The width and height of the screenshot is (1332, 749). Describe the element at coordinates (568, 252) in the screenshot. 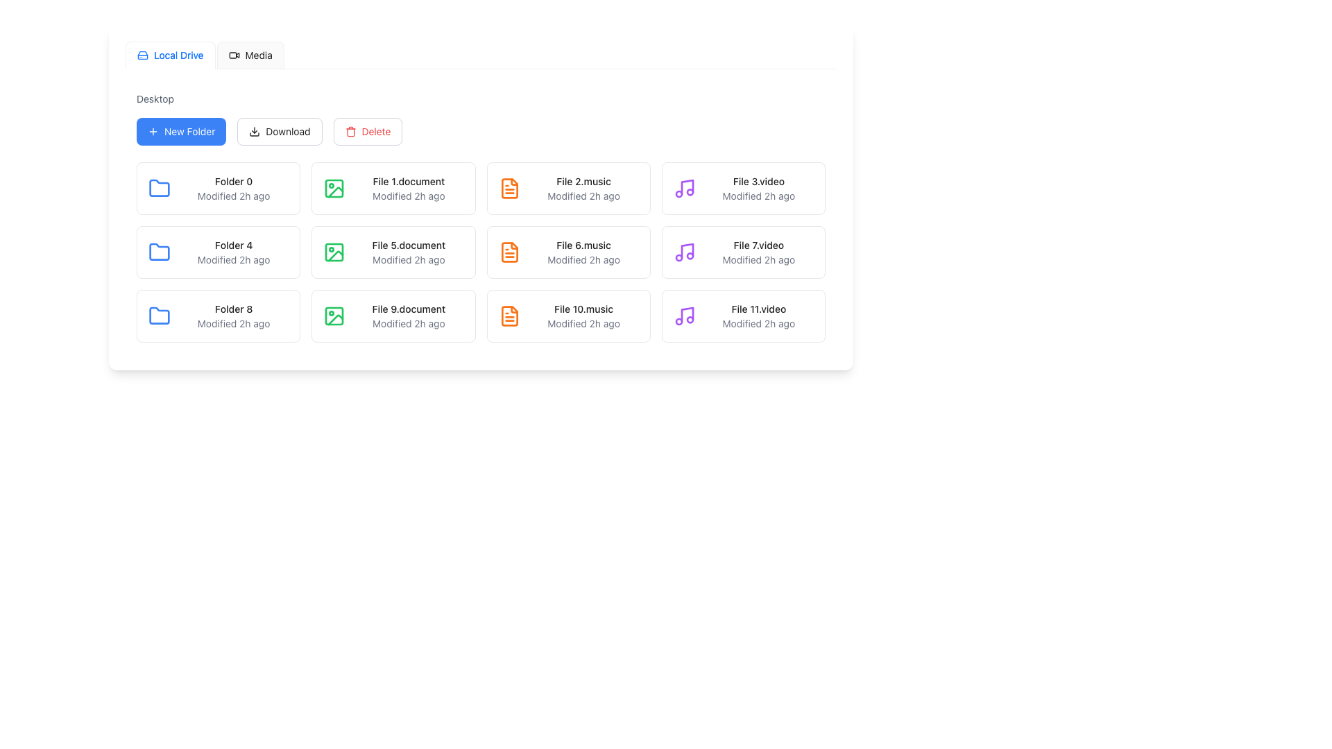

I see `the Tile component displaying 'File 6.music'` at that location.